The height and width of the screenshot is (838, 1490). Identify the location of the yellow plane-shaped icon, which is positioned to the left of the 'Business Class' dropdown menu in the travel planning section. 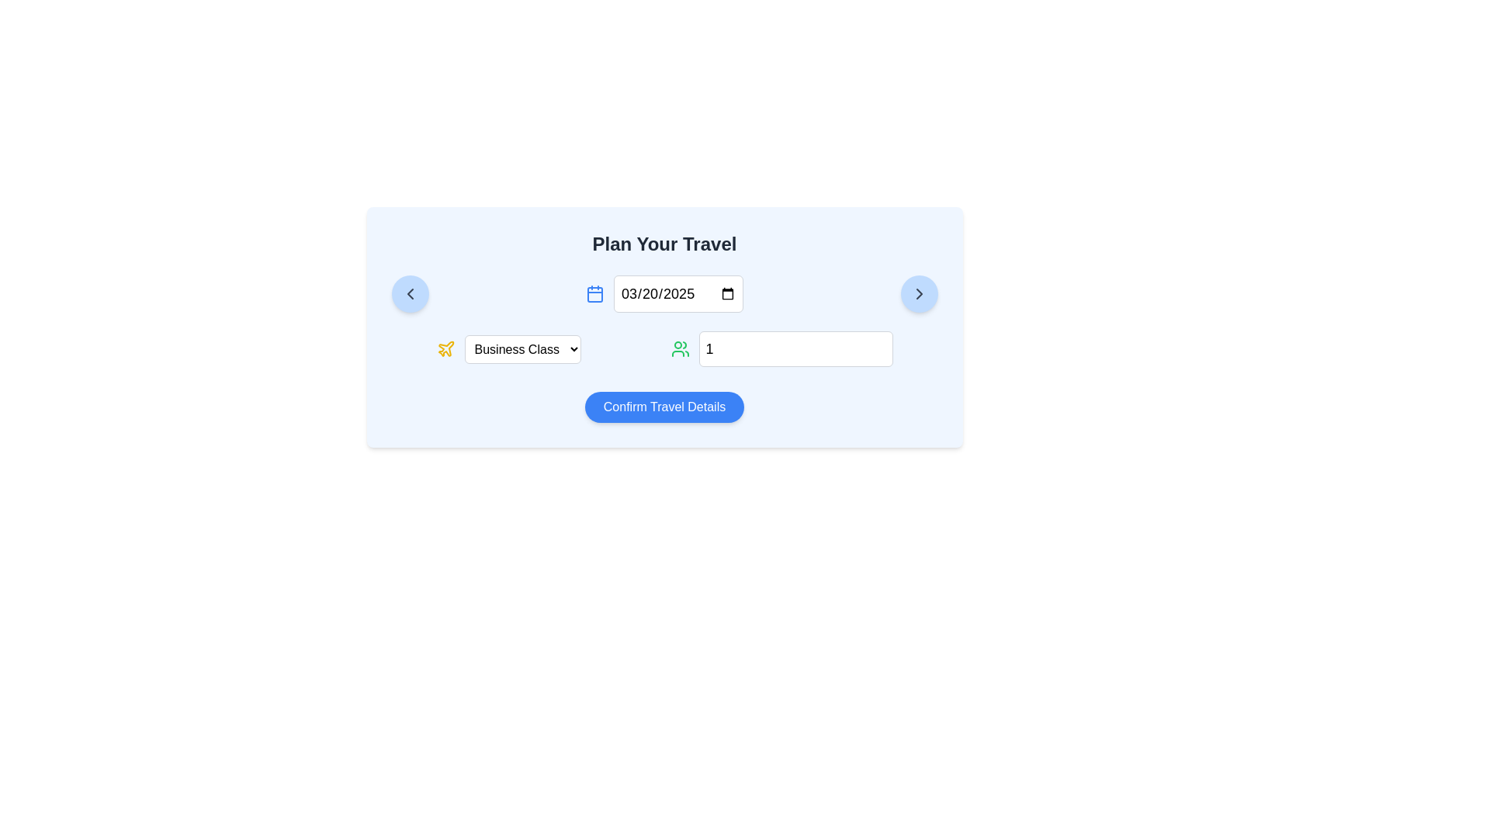
(445, 348).